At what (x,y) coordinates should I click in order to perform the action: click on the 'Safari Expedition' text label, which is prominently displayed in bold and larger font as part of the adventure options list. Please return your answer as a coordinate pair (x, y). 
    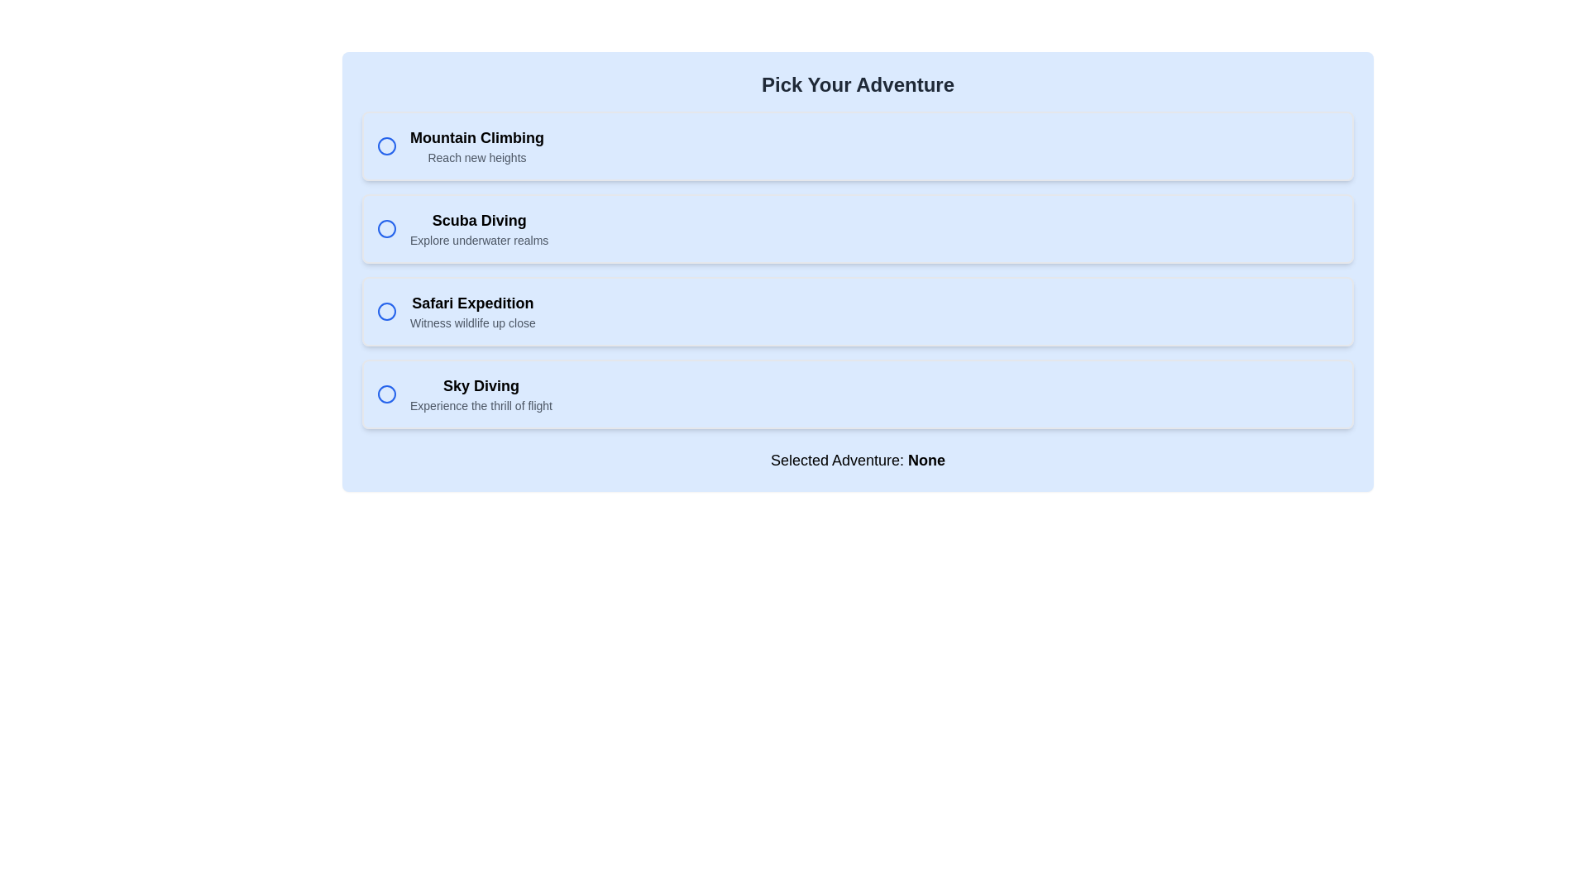
    Looking at the image, I should click on (471, 303).